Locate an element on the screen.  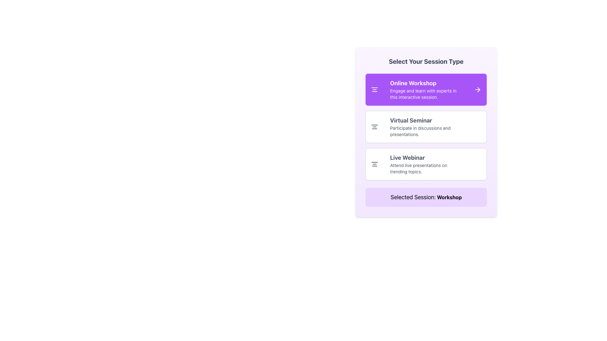
the icon is located at coordinates (375, 90).